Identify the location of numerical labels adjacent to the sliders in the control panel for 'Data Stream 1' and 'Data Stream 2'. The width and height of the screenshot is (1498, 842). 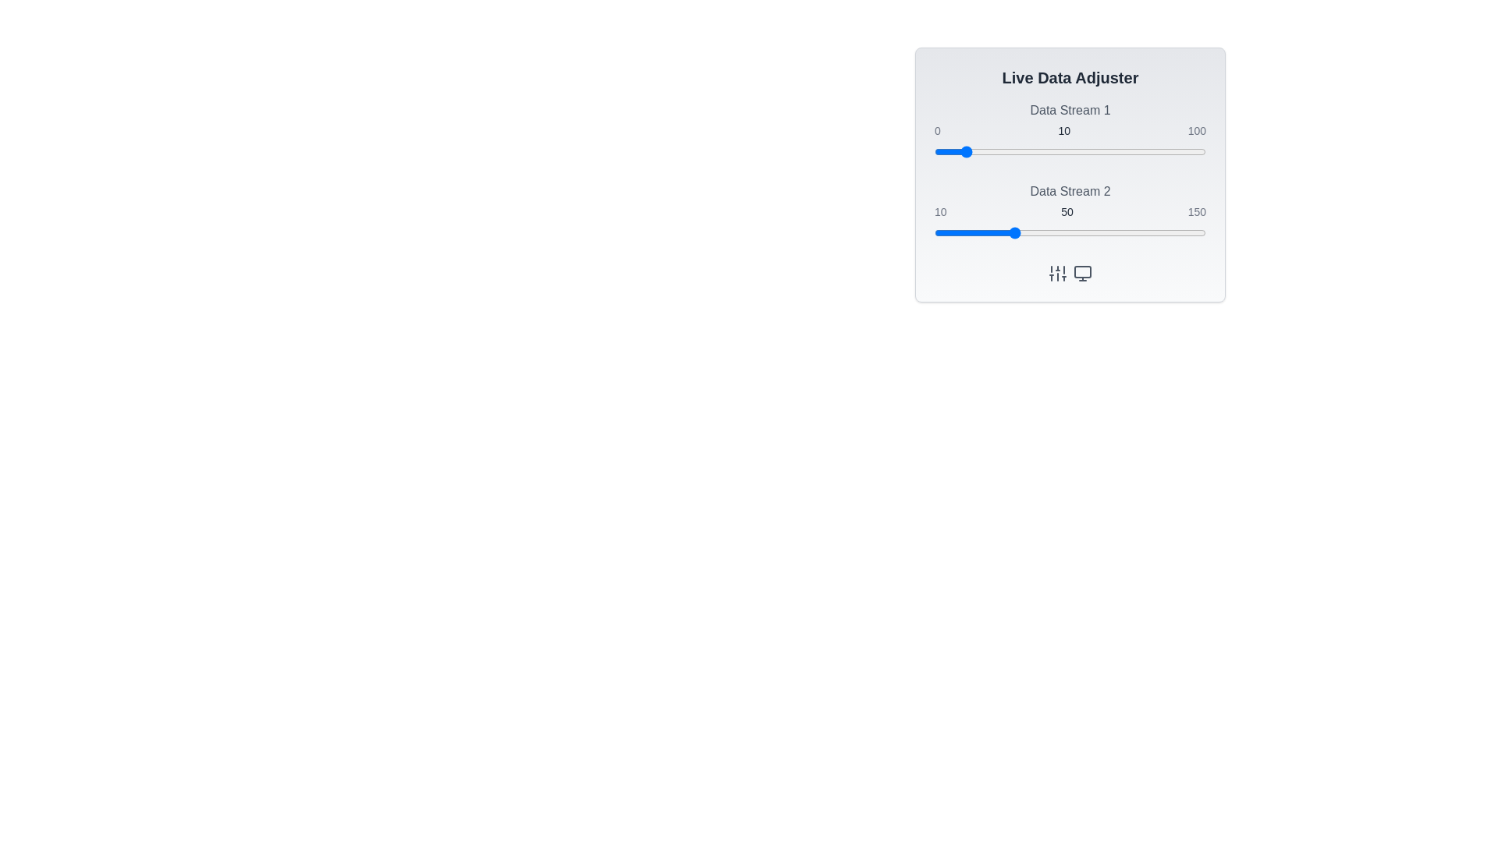
(1070, 174).